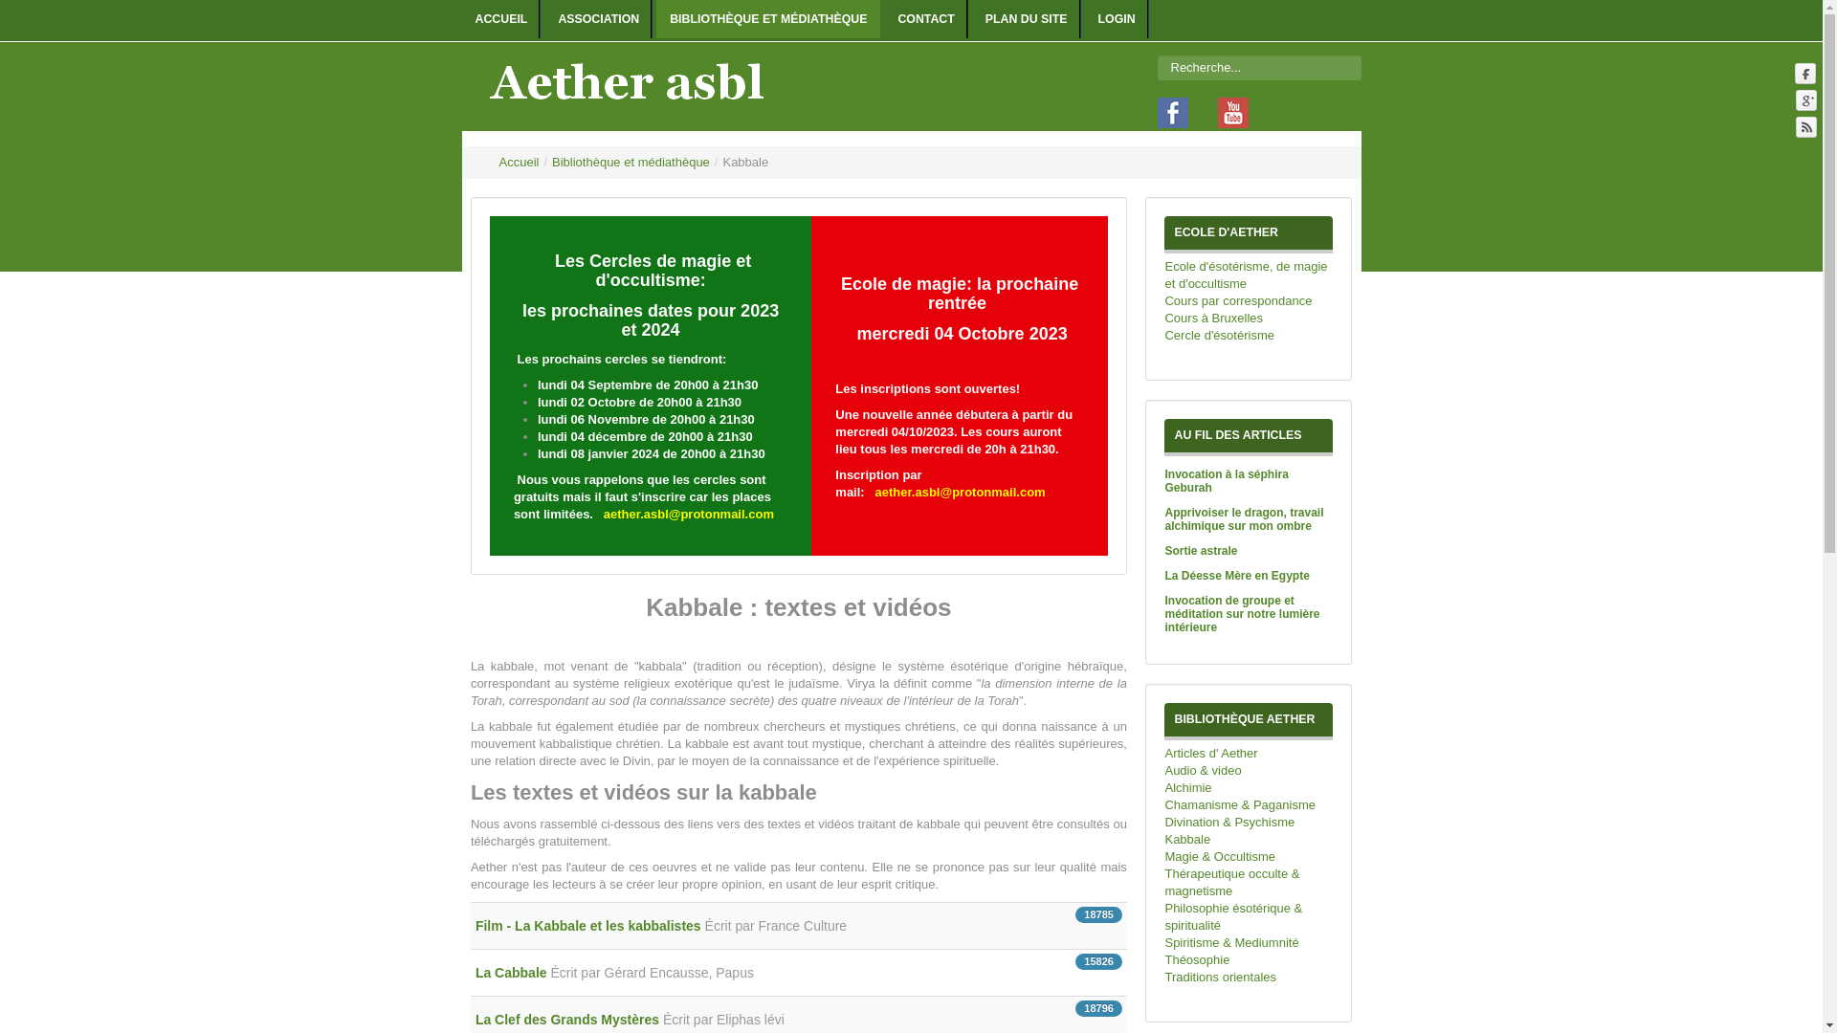 Image resolution: width=1837 pixels, height=1033 pixels. What do you see at coordinates (1249, 822) in the screenshot?
I see `'Divination & Psychisme'` at bounding box center [1249, 822].